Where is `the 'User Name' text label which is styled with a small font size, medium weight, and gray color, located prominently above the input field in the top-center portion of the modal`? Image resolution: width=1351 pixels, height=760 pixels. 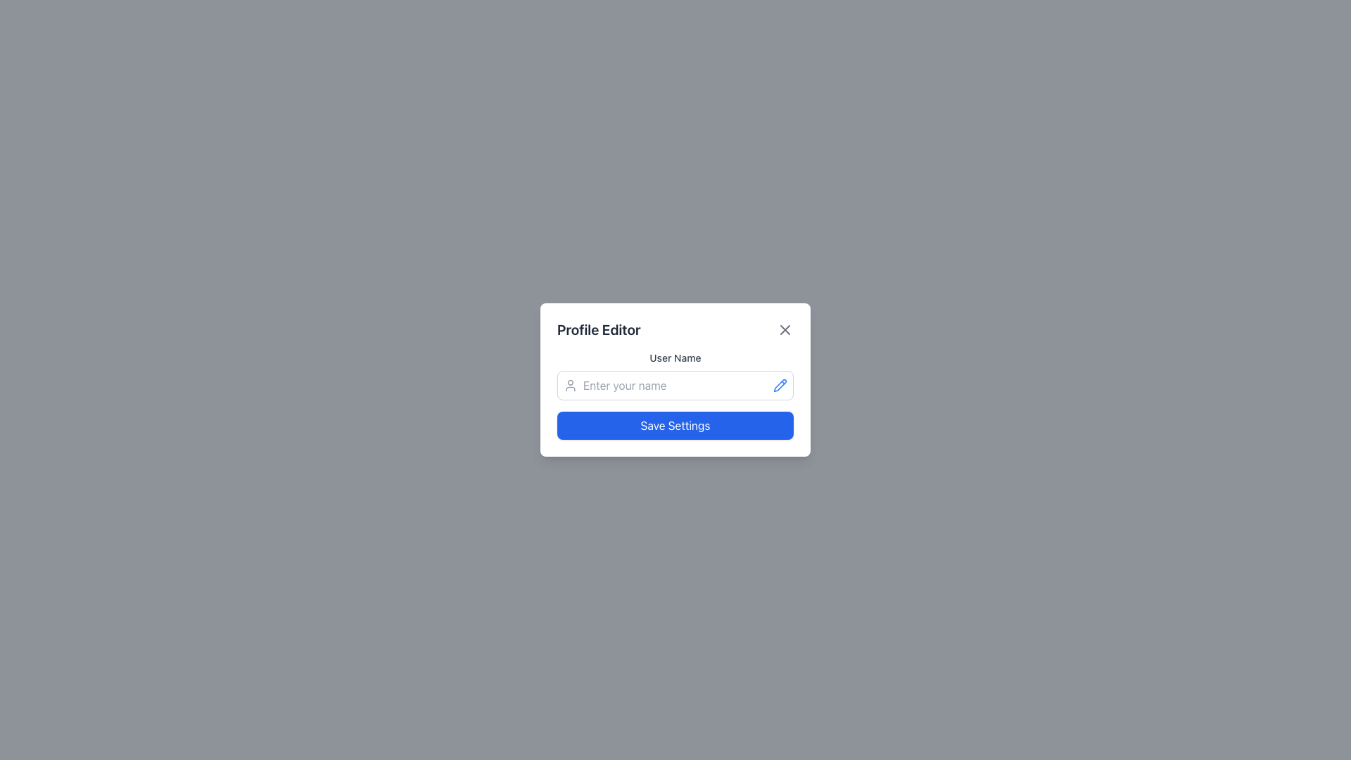 the 'User Name' text label which is styled with a small font size, medium weight, and gray color, located prominently above the input field in the top-center portion of the modal is located at coordinates (675, 357).